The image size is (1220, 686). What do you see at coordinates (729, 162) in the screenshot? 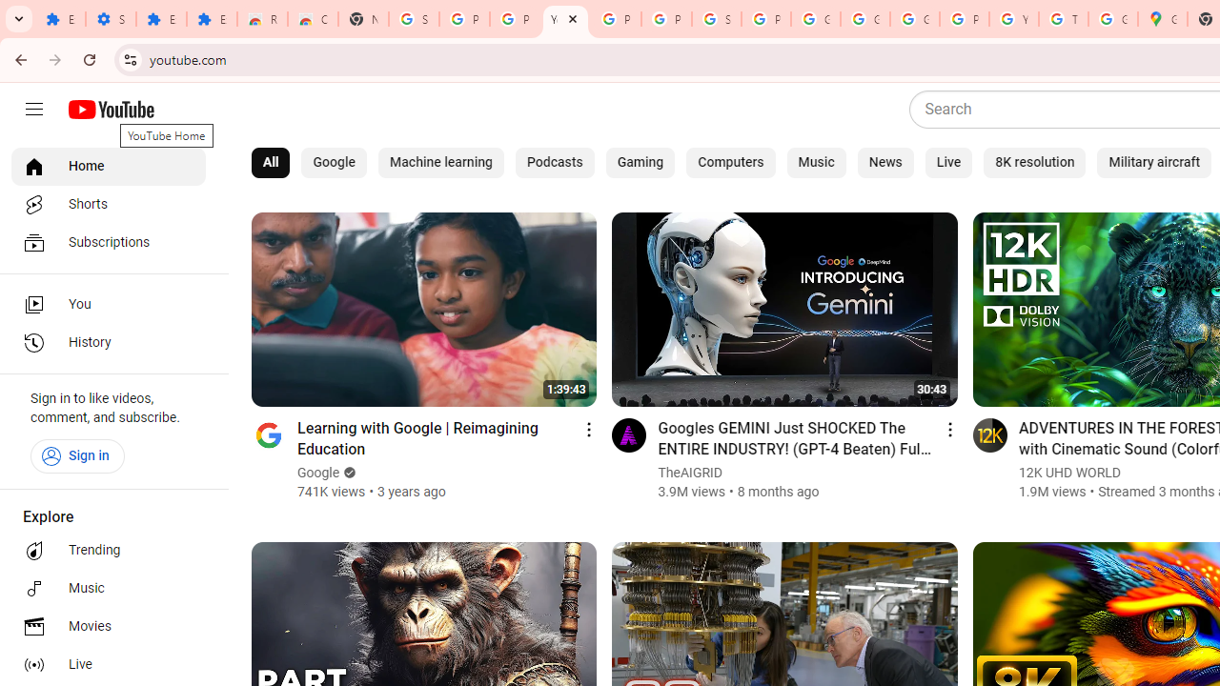
I see `'Computers'` at bounding box center [729, 162].